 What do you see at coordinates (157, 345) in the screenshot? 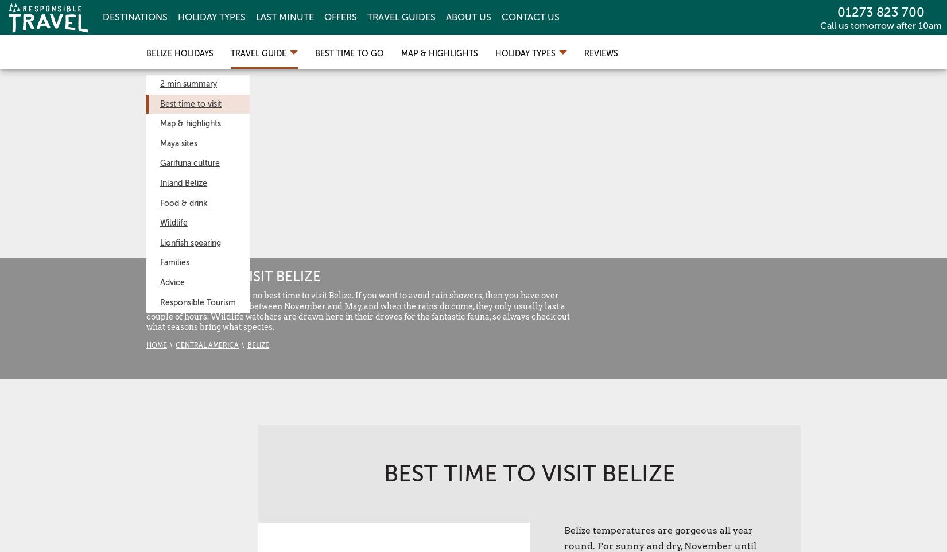
I see `'Home'` at bounding box center [157, 345].